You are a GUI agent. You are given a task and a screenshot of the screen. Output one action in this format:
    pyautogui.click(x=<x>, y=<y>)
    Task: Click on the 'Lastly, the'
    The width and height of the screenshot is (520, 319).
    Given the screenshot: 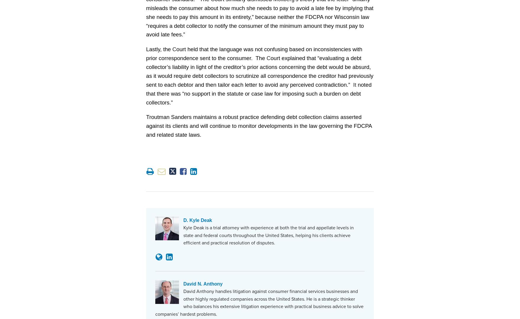 What is the action you would take?
    pyautogui.click(x=146, y=49)
    